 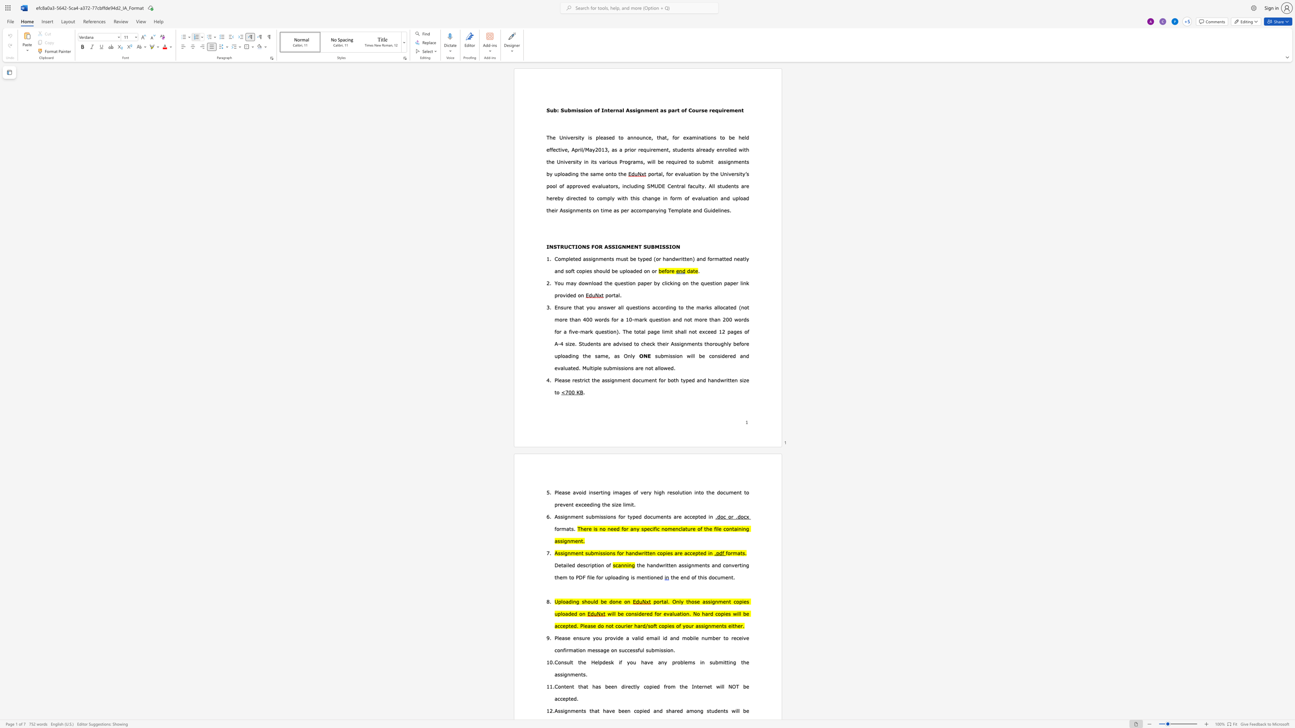 What do you see at coordinates (734, 662) in the screenshot?
I see `the 1th character "g" in the text` at bounding box center [734, 662].